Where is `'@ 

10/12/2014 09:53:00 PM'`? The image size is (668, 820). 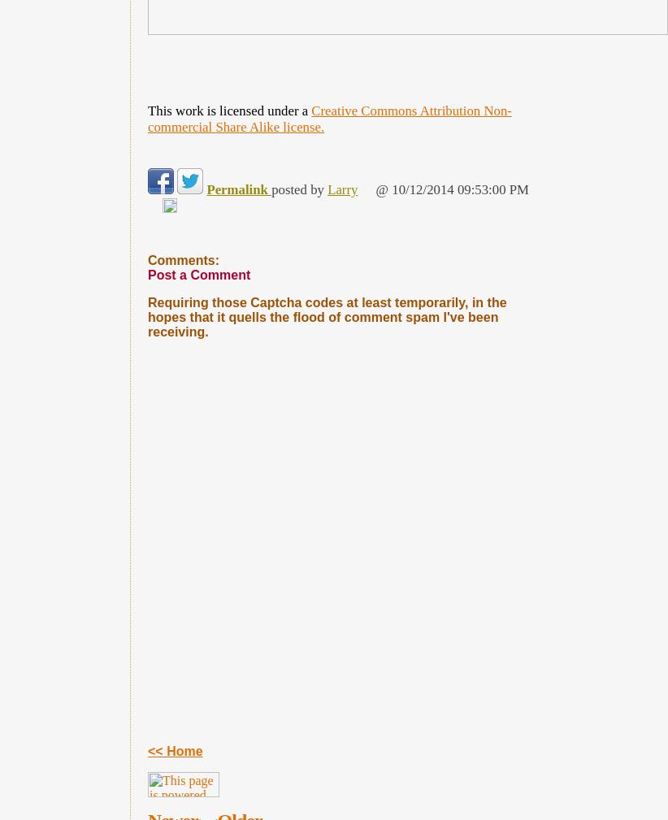
'@ 

10/12/2014 09:53:00 PM' is located at coordinates (372, 189).